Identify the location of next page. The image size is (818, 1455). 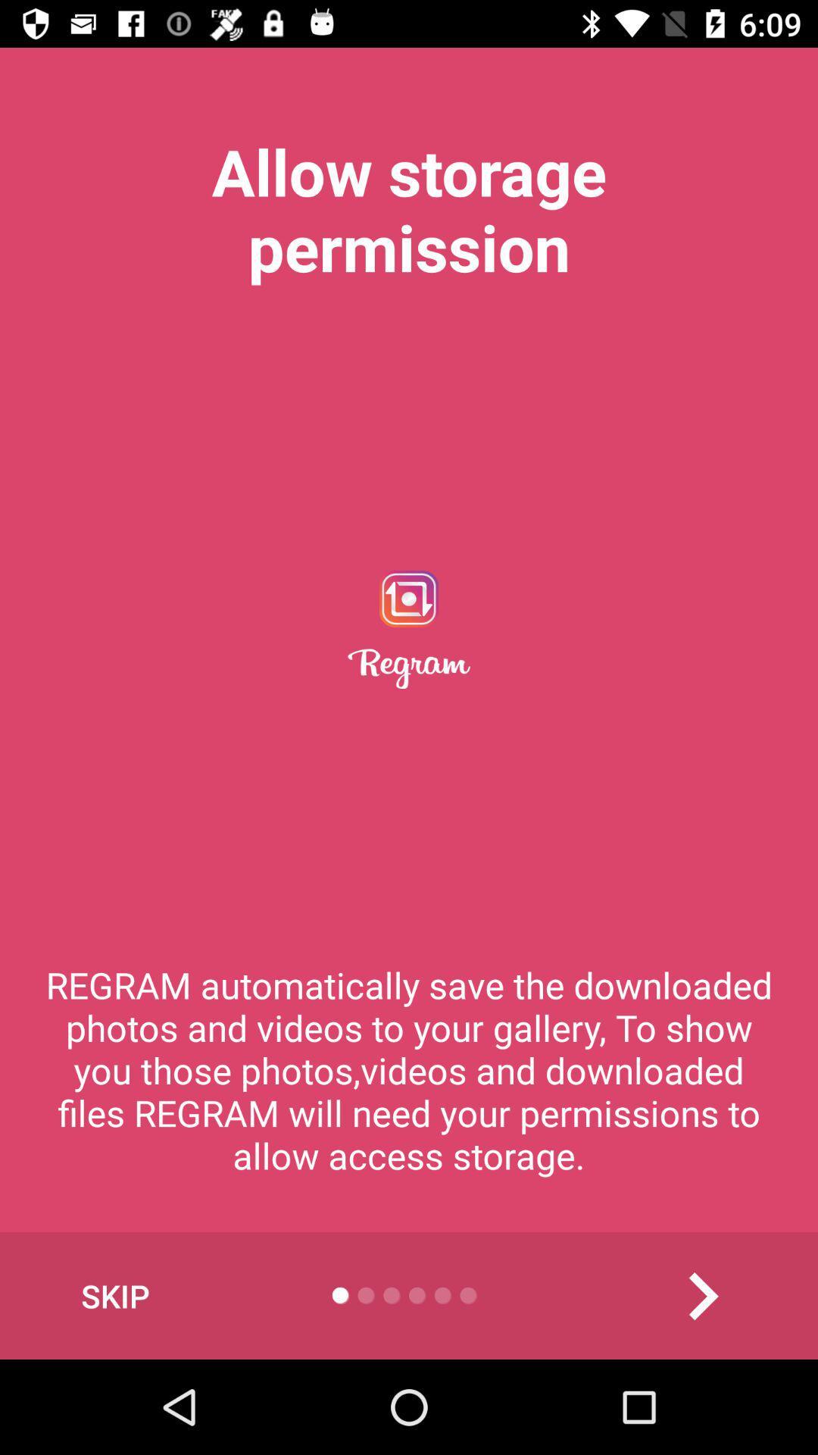
(702, 1295).